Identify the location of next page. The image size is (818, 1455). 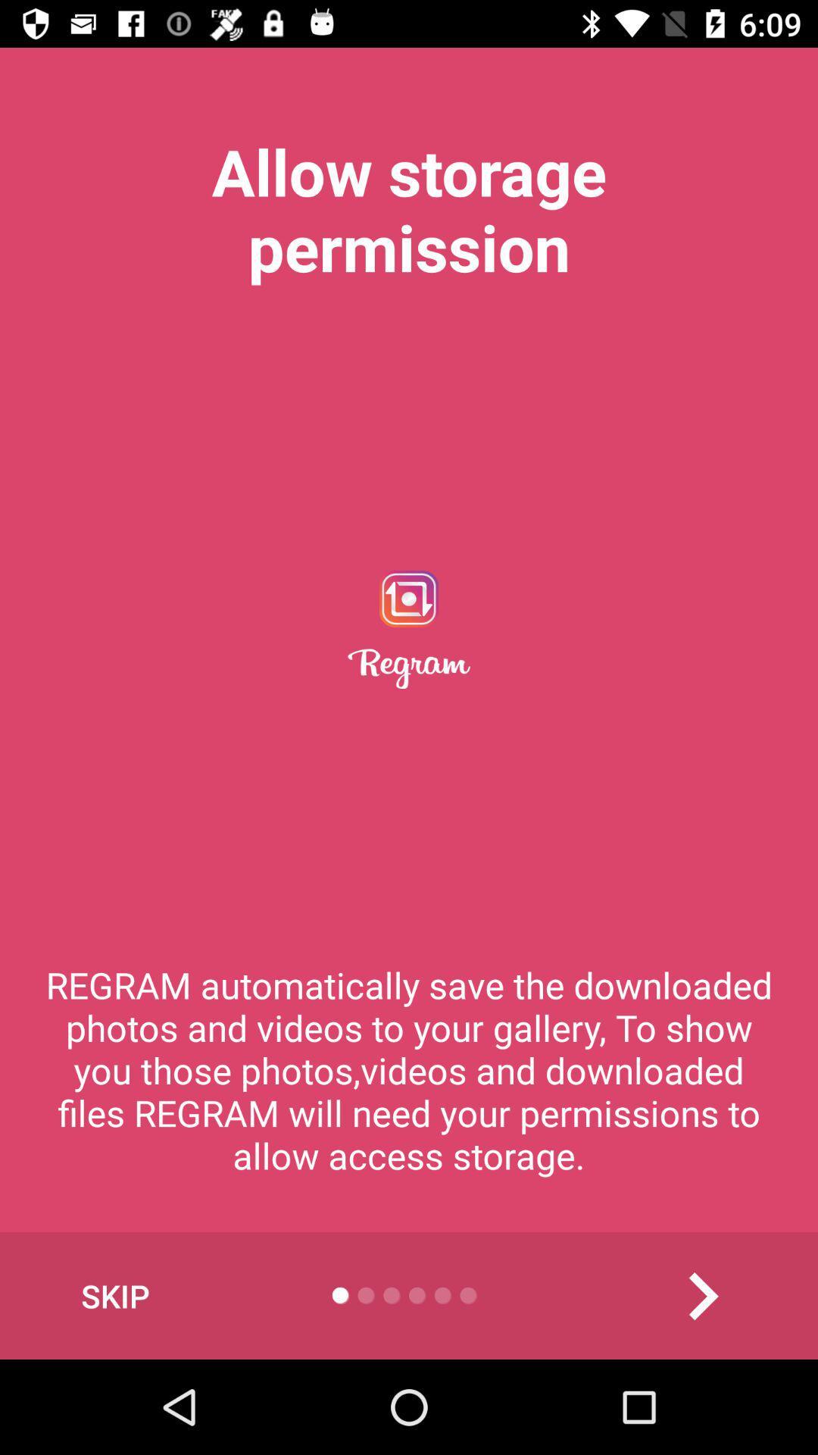
(702, 1295).